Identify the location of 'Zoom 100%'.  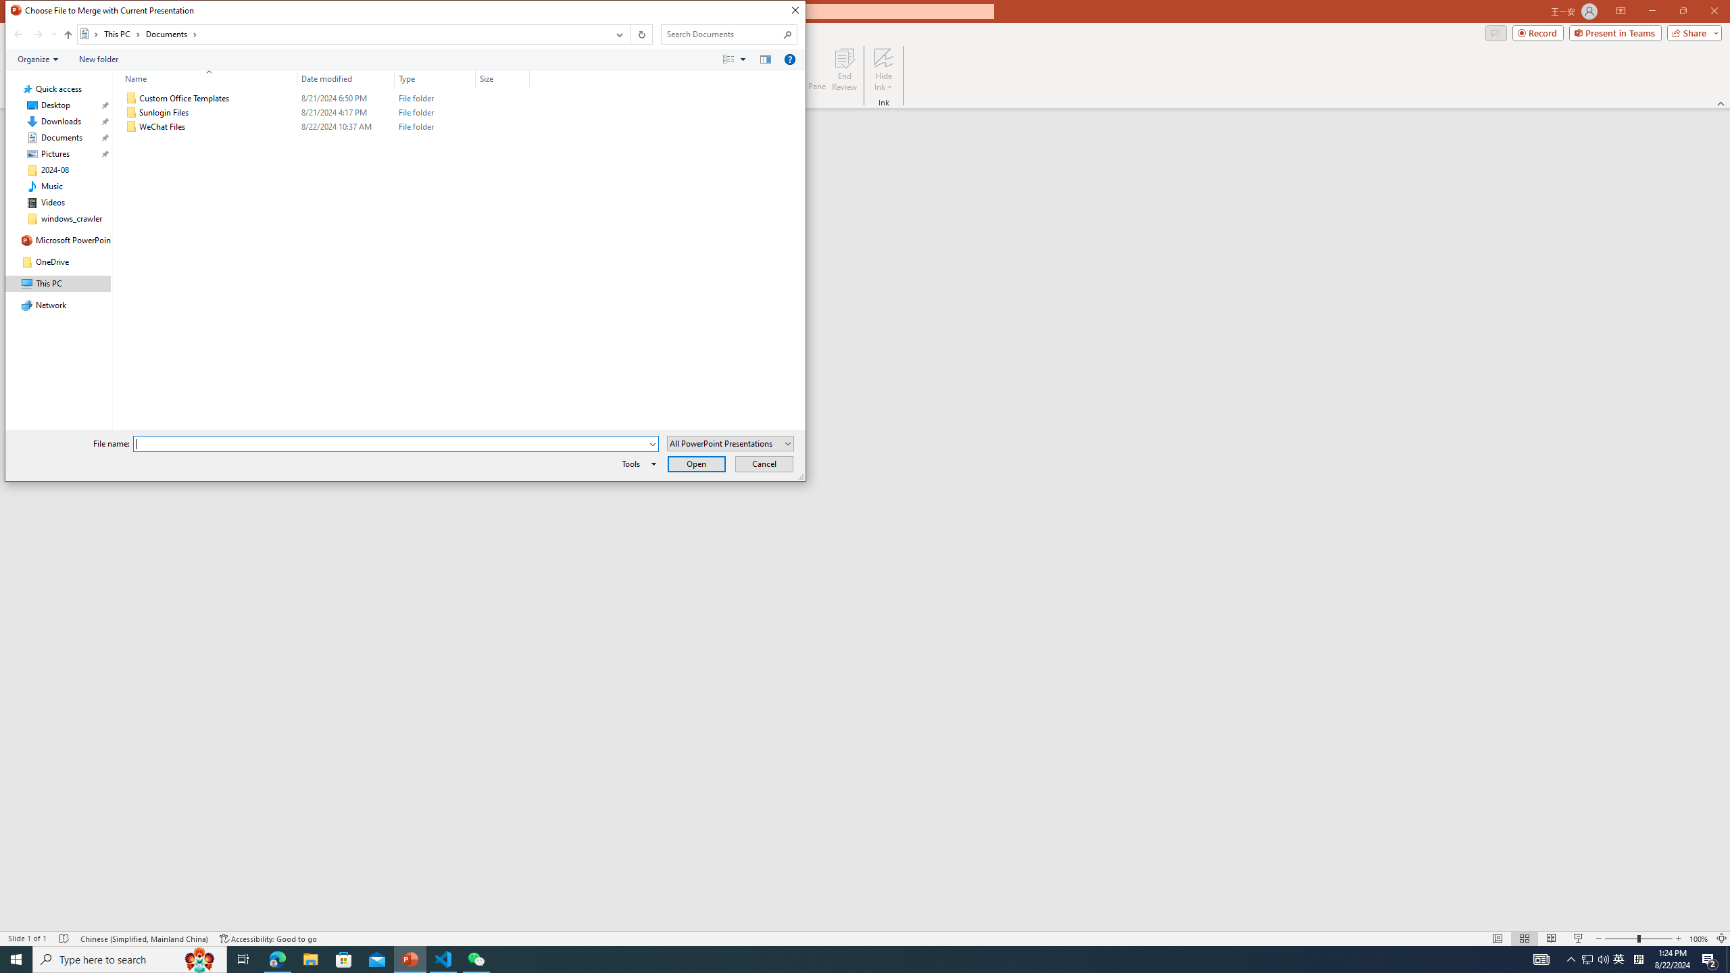
(1700, 939).